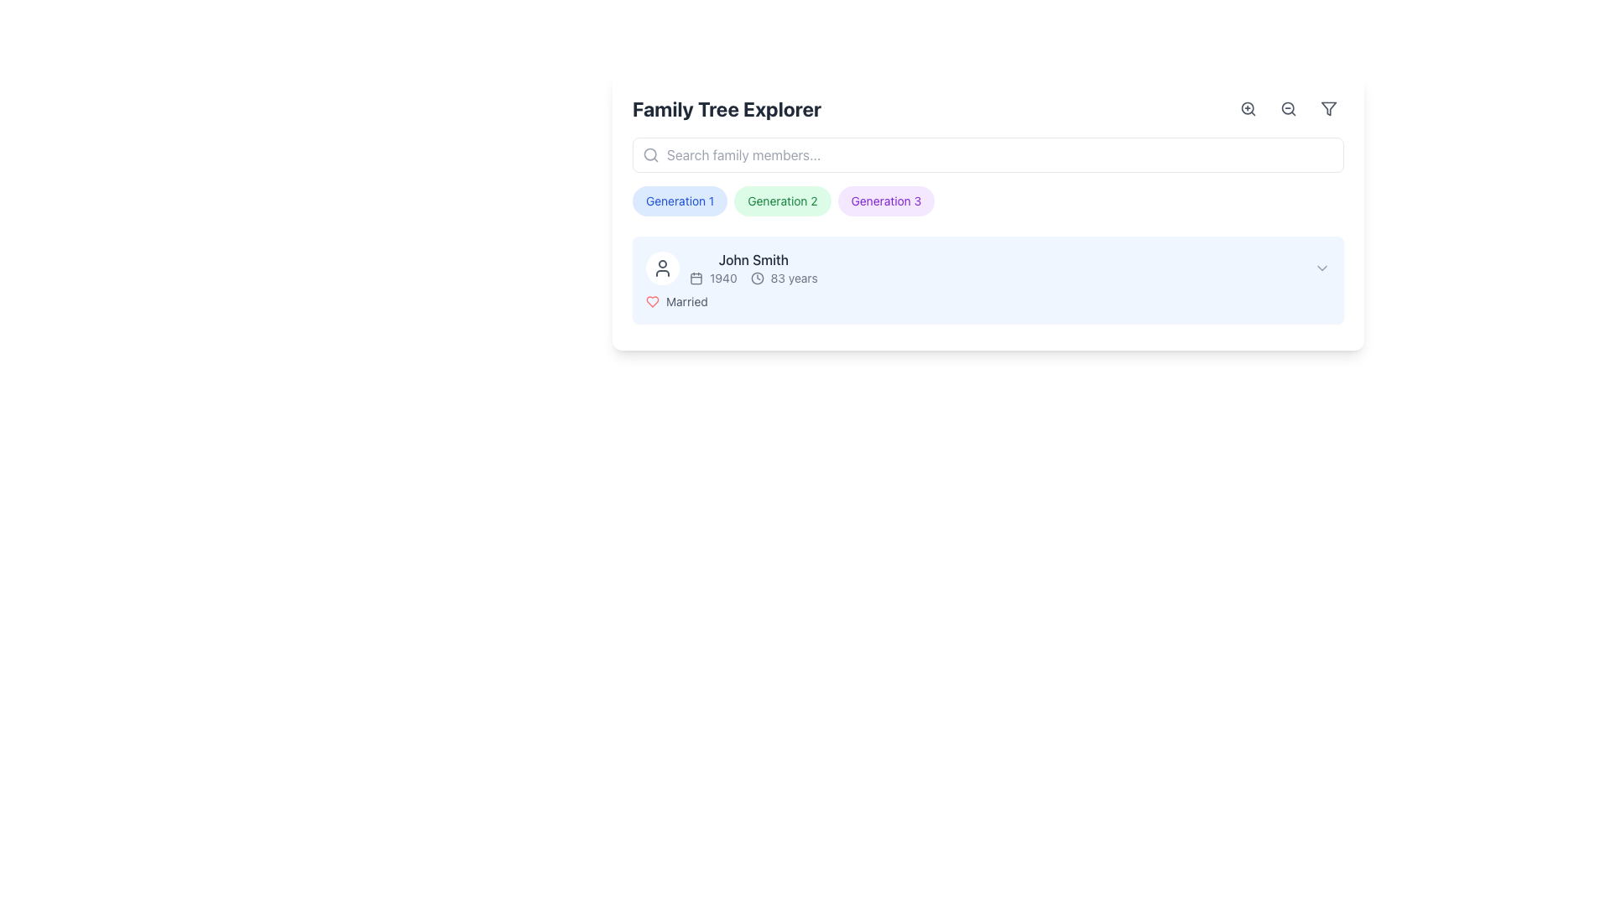 The height and width of the screenshot is (906, 1611). Describe the element at coordinates (756, 277) in the screenshot. I see `the time-related icon located to the right of the text '1940' and just before '83 years'` at that location.